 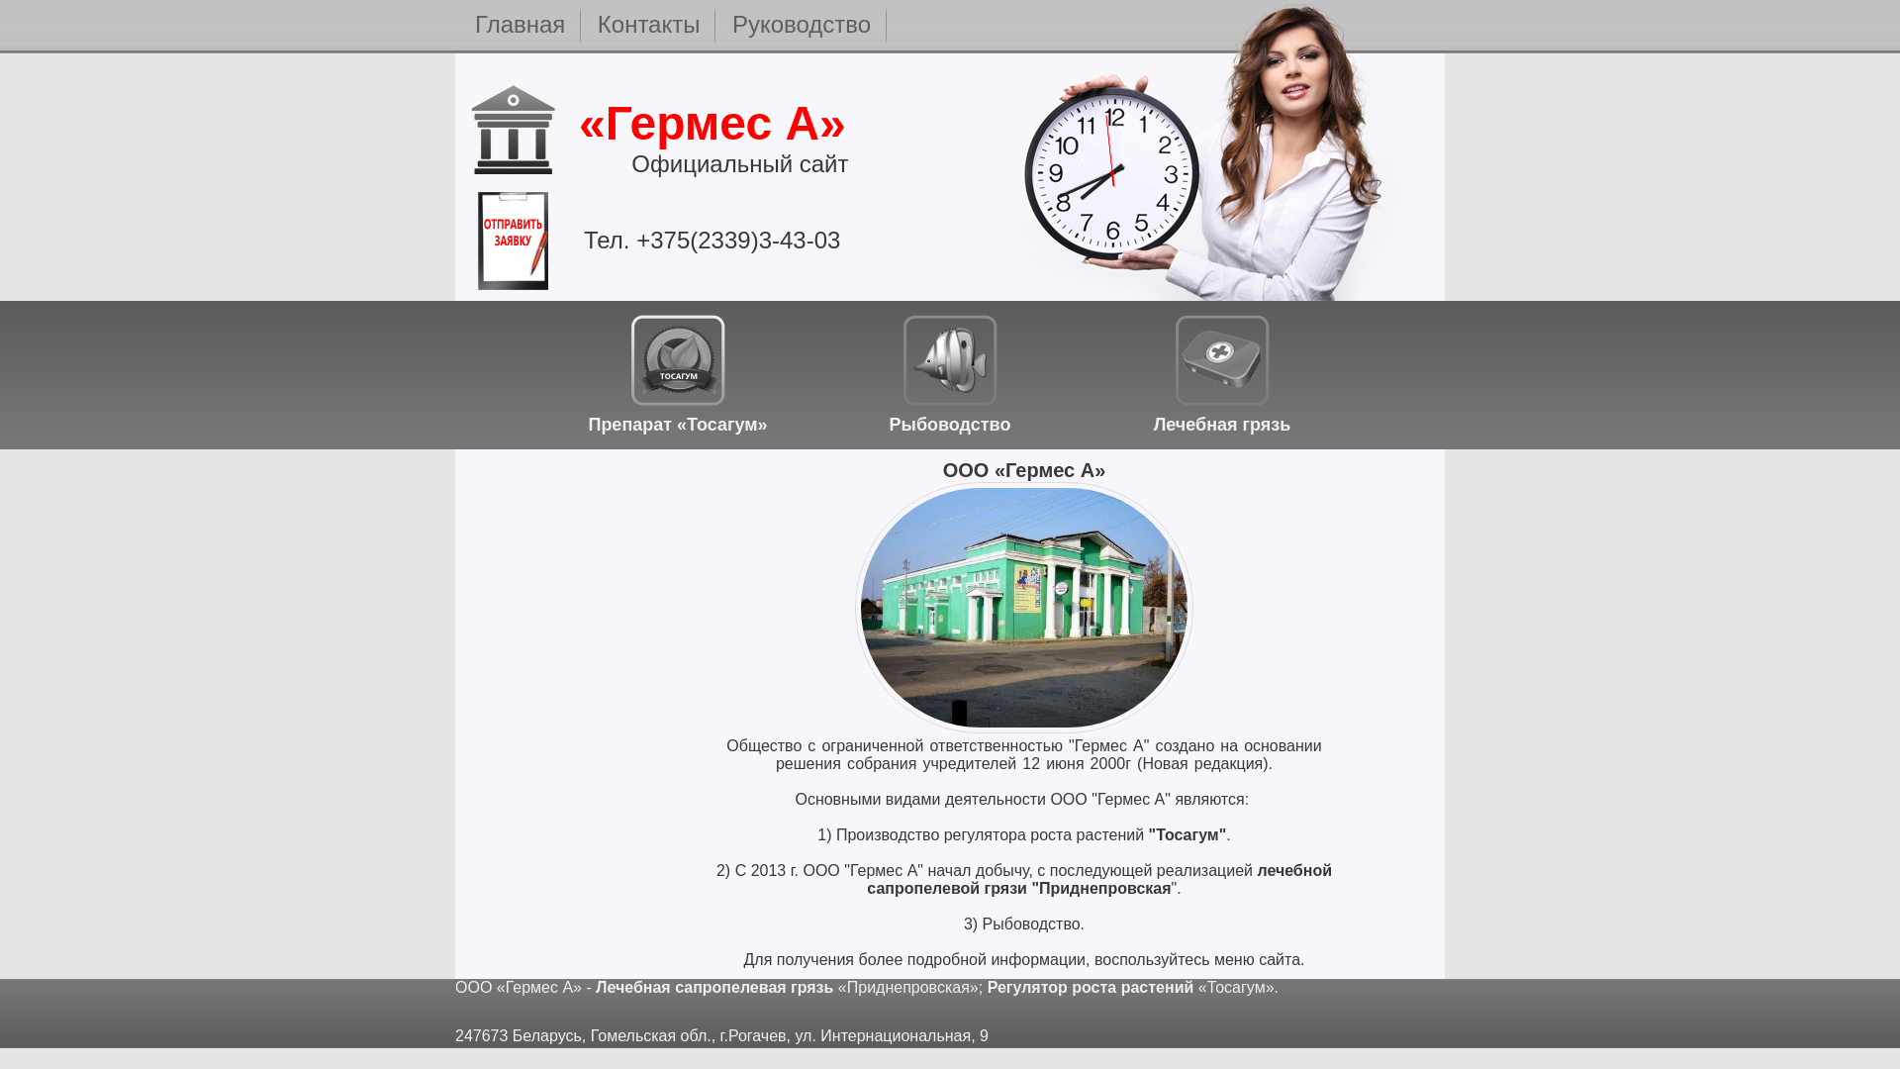 What do you see at coordinates (1429, 1012) in the screenshot?
I see `'LiveInternet'` at bounding box center [1429, 1012].